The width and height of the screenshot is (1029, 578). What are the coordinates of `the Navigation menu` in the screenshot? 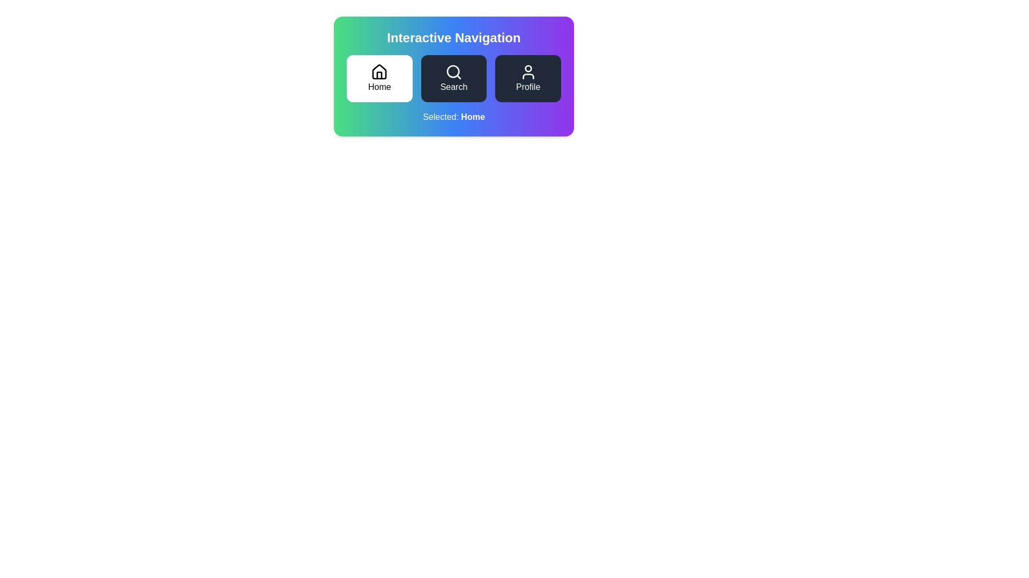 It's located at (453, 78).